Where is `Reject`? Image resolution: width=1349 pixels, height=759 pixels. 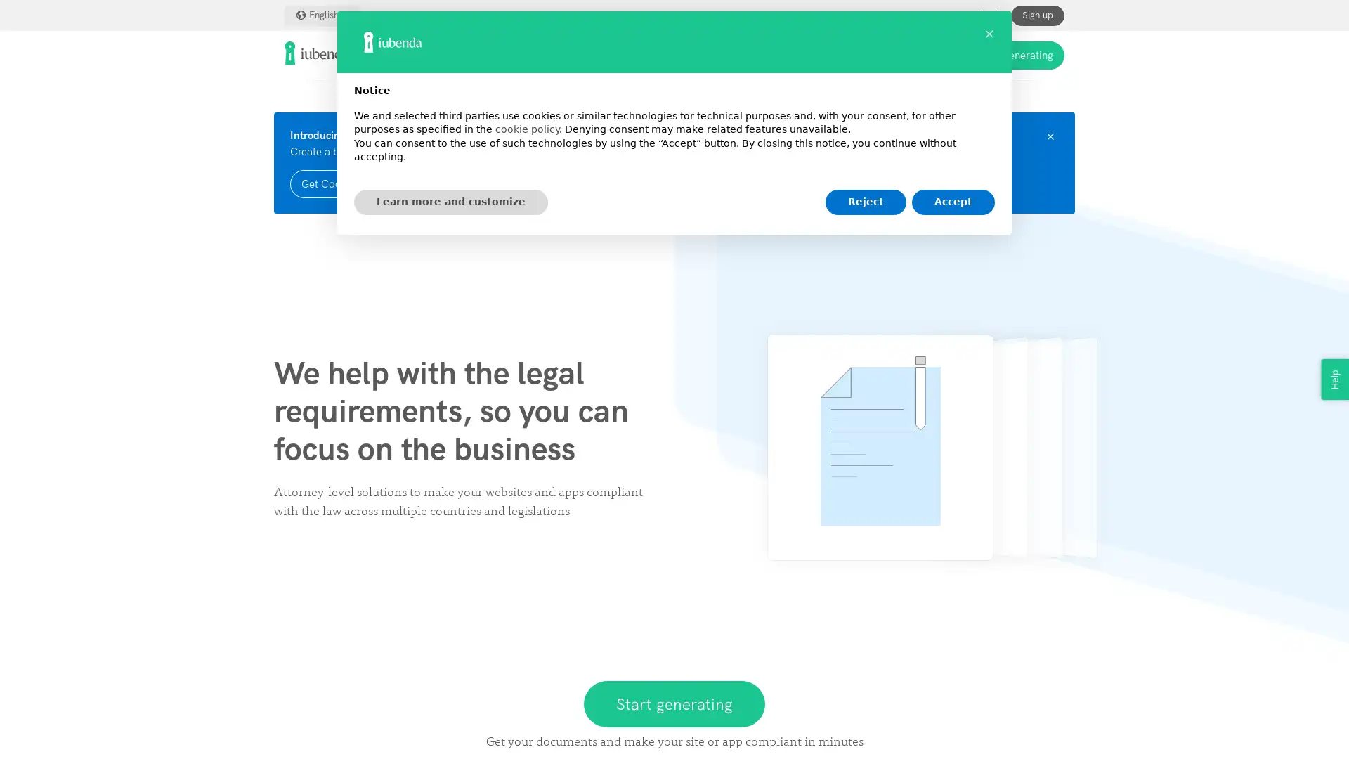 Reject is located at coordinates (865, 201).